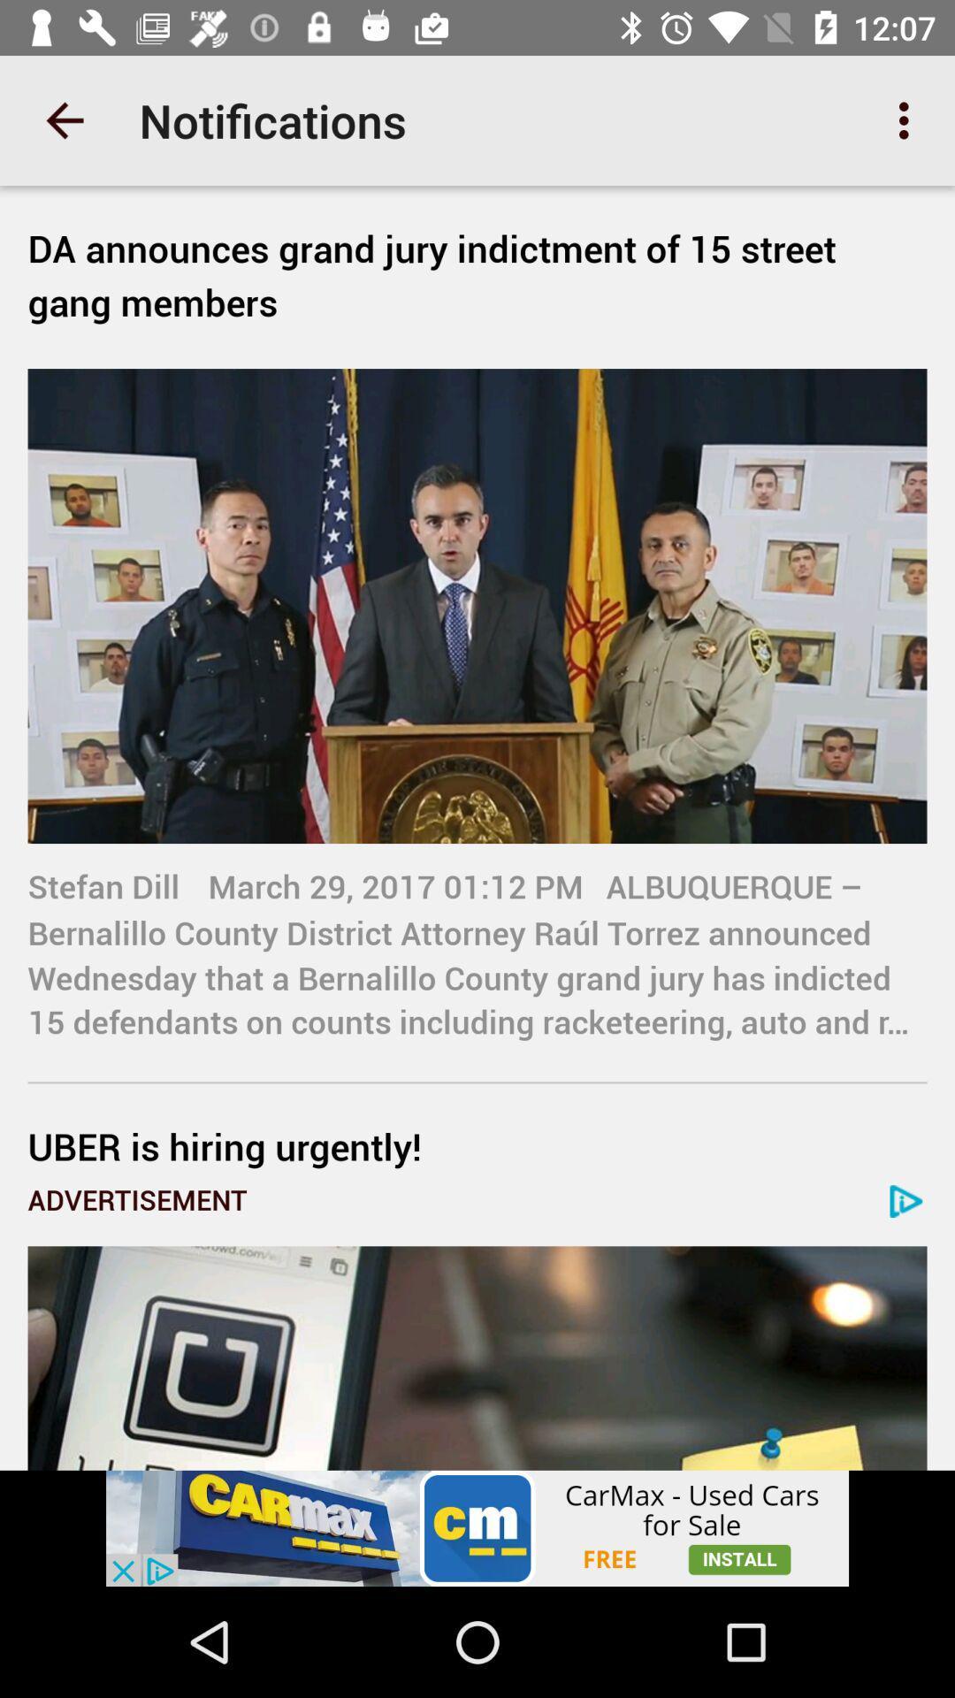 The width and height of the screenshot is (955, 1698). What do you see at coordinates (908, 119) in the screenshot?
I see `the item above da announces grand icon` at bounding box center [908, 119].